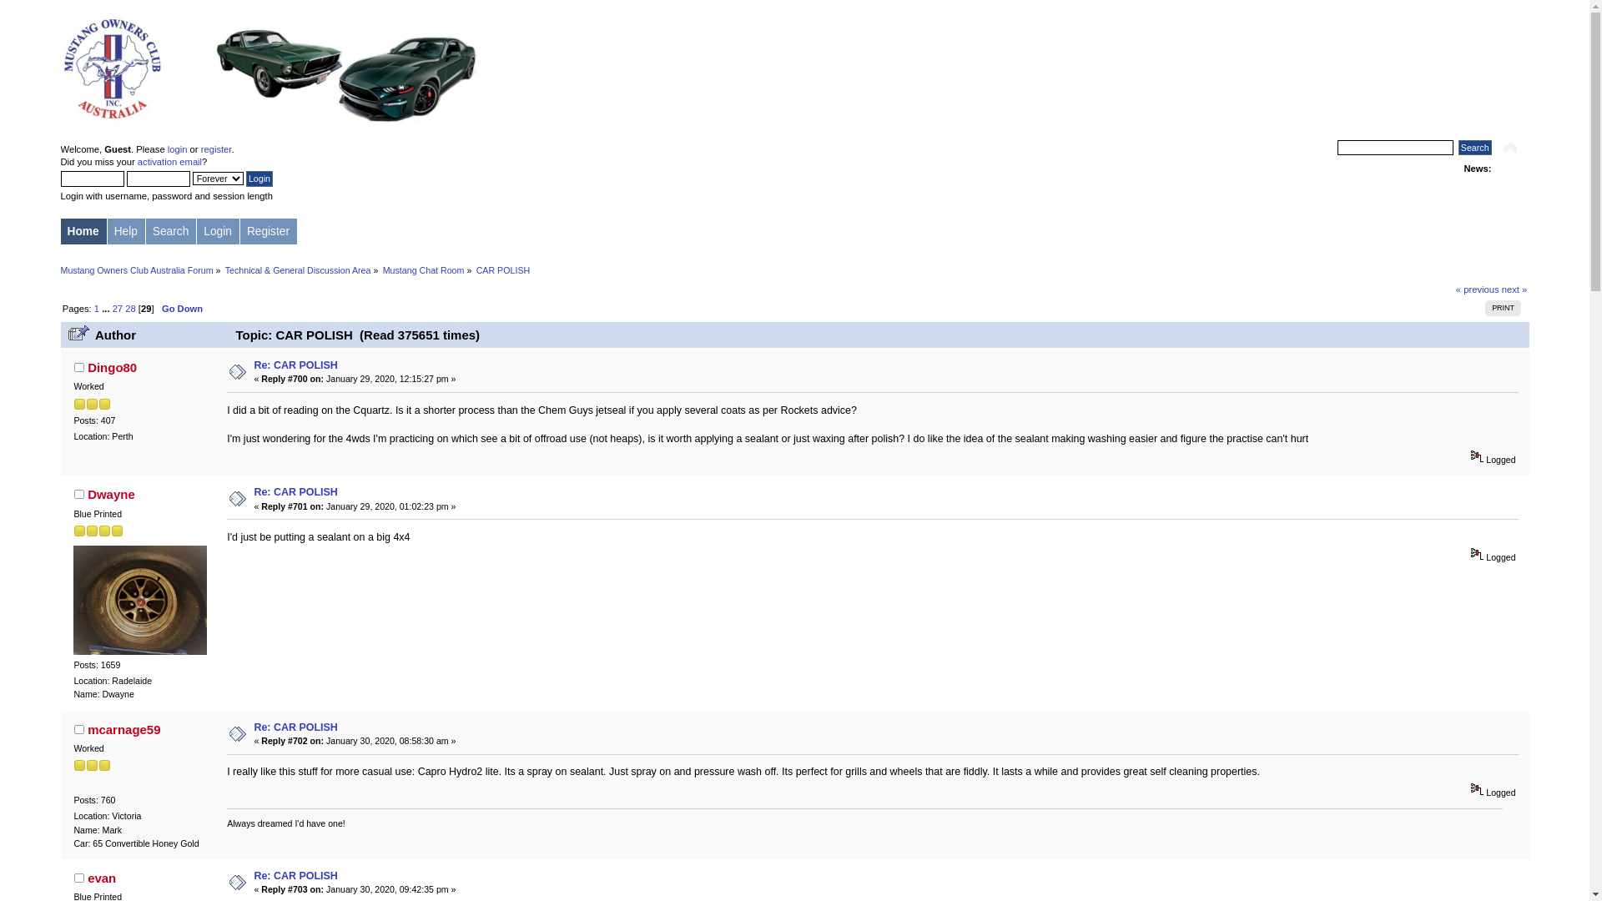  I want to click on 'login', so click(168, 148).